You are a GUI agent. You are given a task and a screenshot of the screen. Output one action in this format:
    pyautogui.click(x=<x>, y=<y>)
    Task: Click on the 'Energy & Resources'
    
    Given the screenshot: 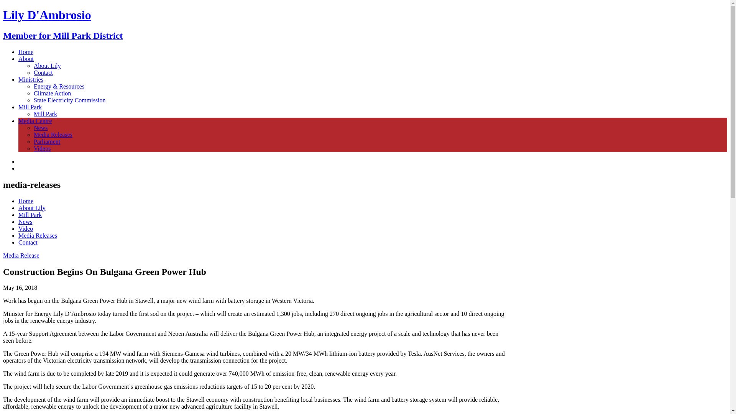 What is the action you would take?
    pyautogui.click(x=58, y=86)
    